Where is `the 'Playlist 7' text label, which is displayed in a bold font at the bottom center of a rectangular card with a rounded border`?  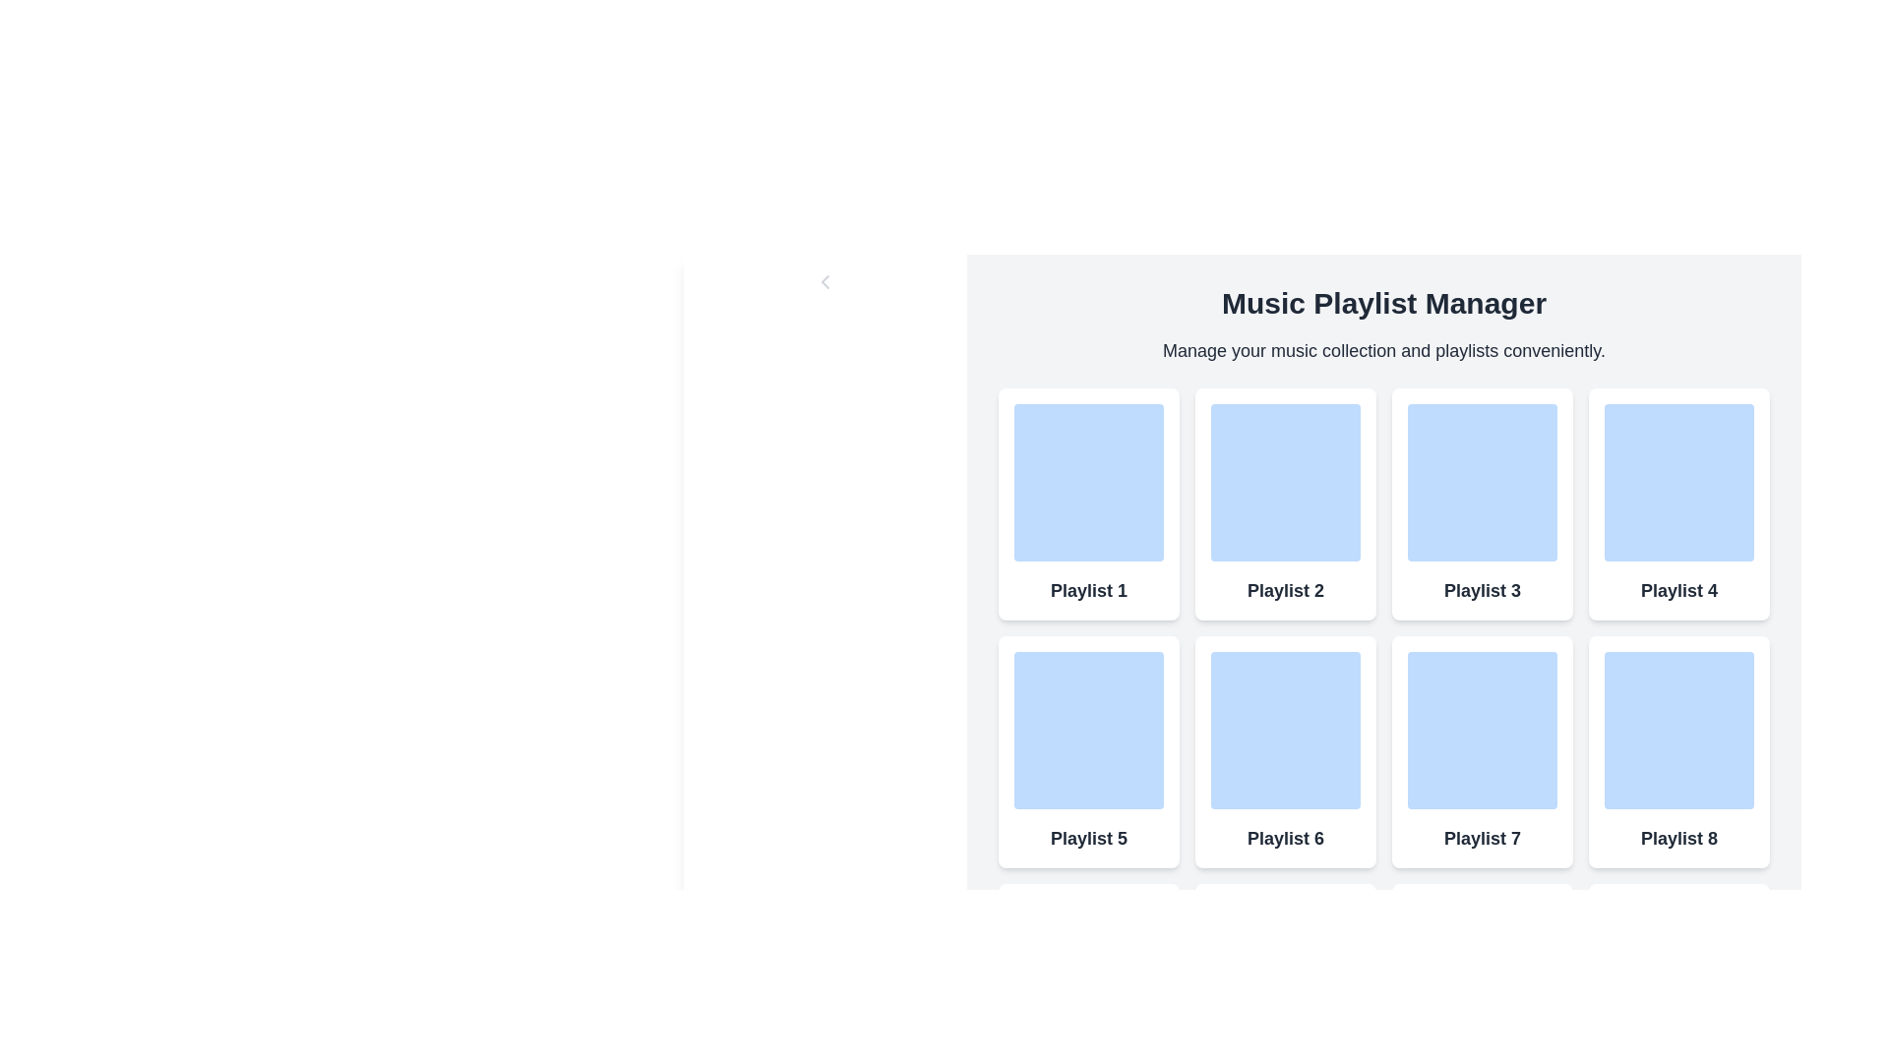 the 'Playlist 7' text label, which is displayed in a bold font at the bottom center of a rectangular card with a rounded border is located at coordinates (1483, 838).